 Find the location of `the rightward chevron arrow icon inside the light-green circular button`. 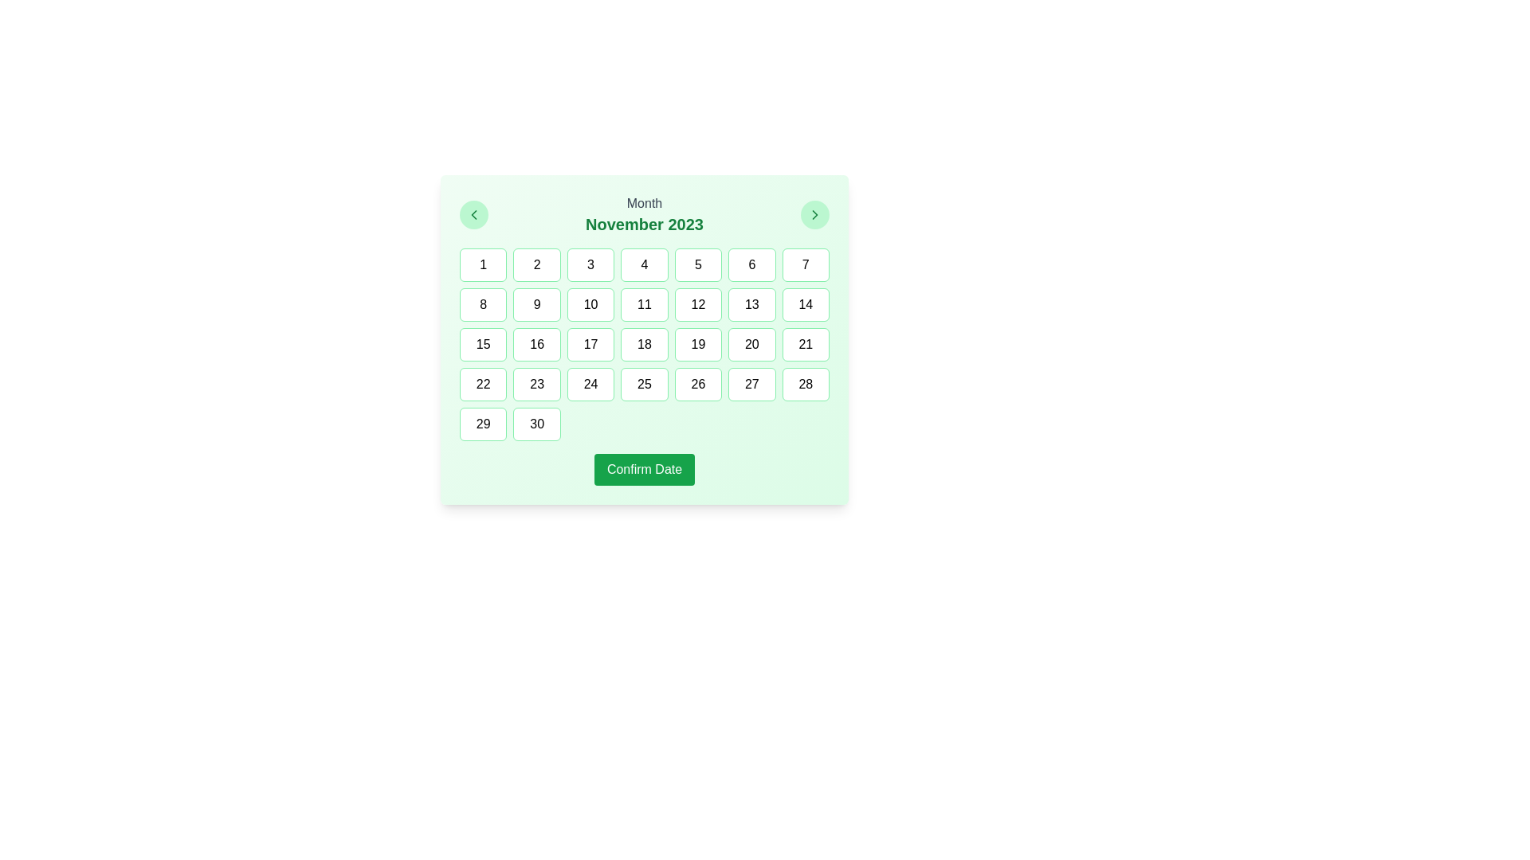

the rightward chevron arrow icon inside the light-green circular button is located at coordinates (814, 215).